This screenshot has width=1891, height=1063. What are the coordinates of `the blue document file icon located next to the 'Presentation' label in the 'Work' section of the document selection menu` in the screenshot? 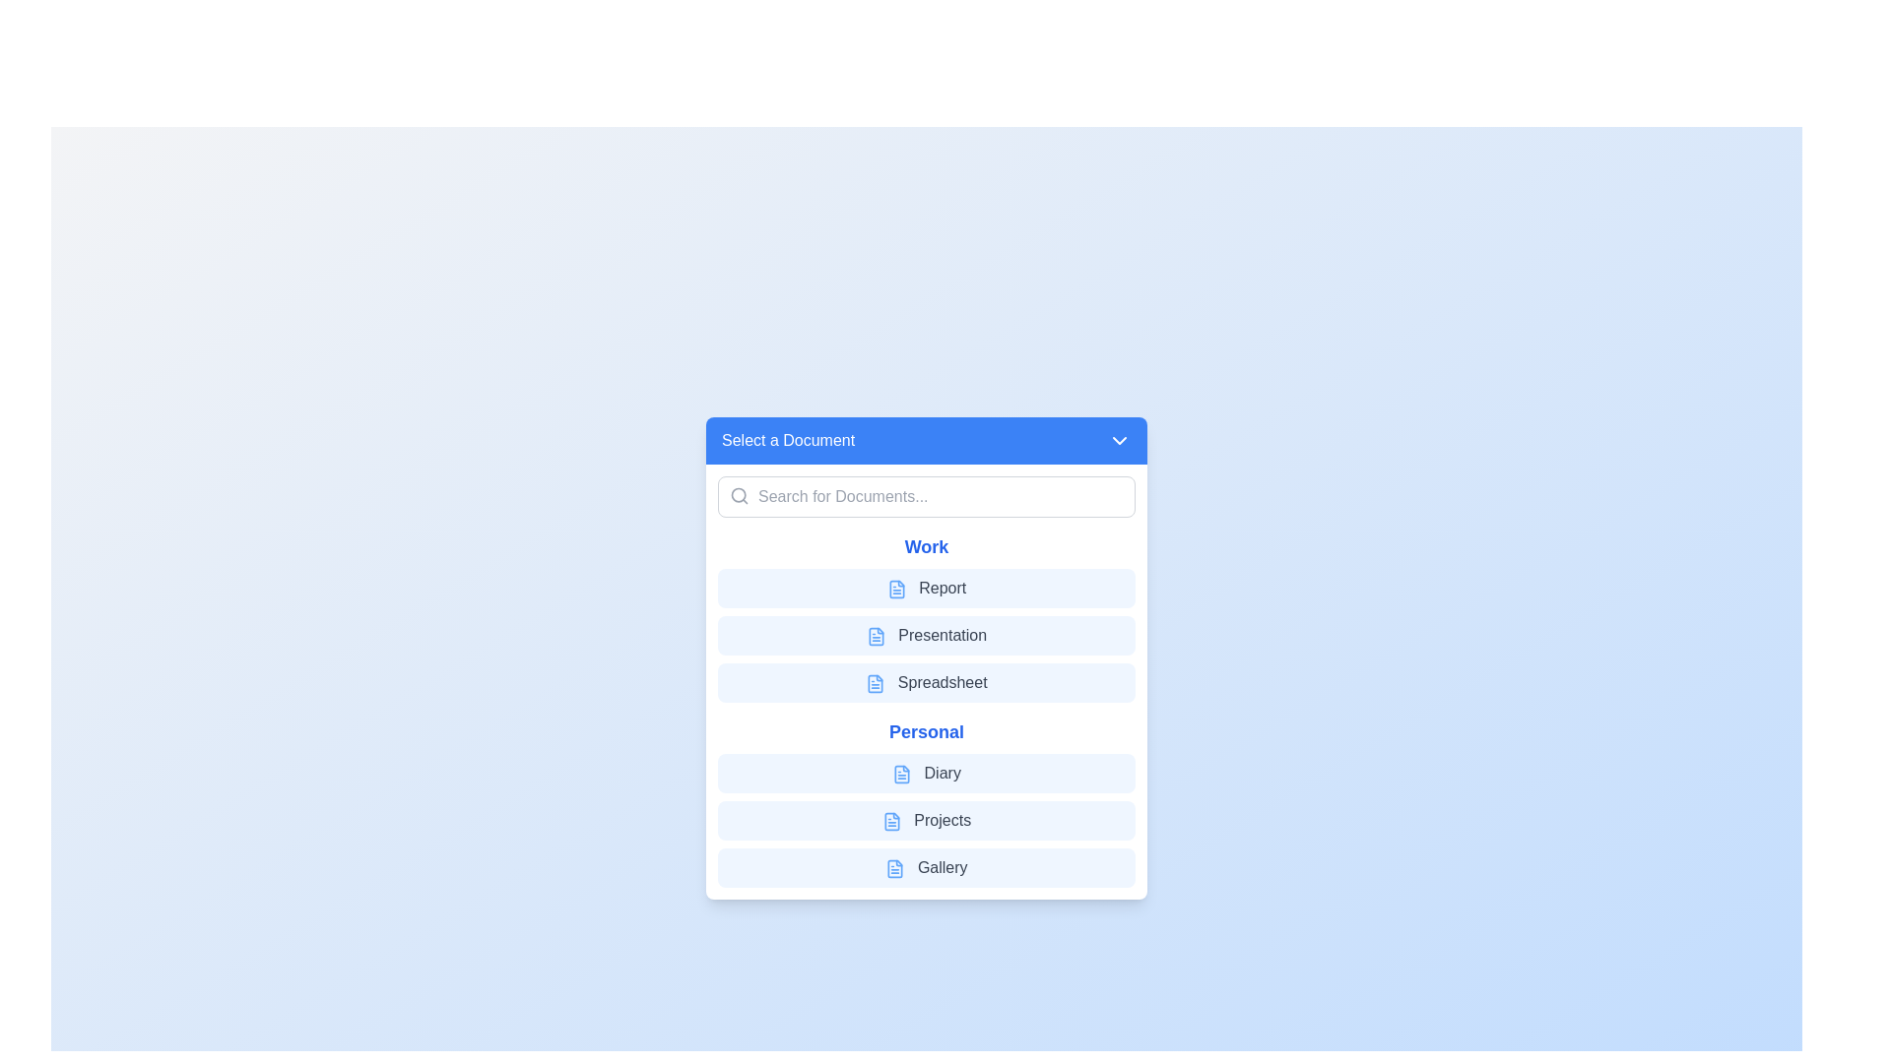 It's located at (875, 636).